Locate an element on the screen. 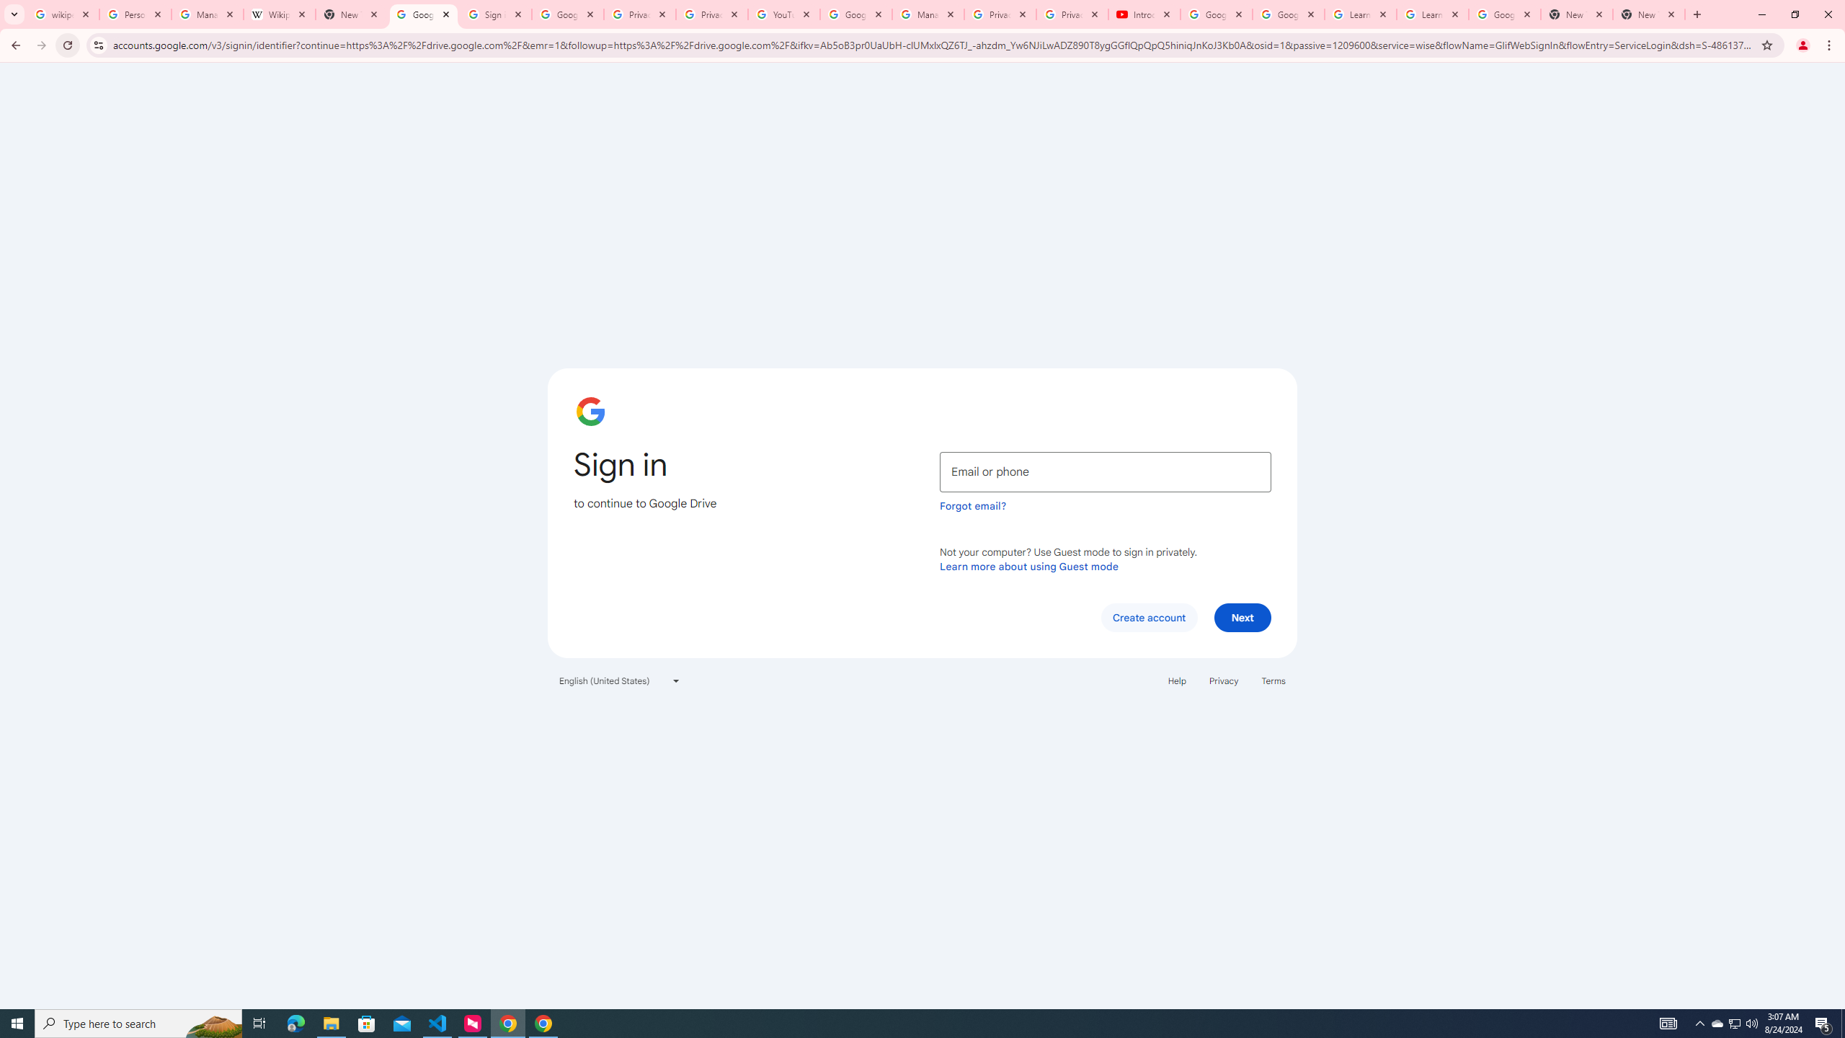  'Introduction | Google Privacy Policy - YouTube' is located at coordinates (1143, 14).